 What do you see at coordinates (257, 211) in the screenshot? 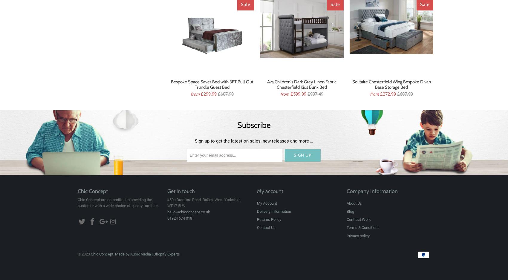
I see `'Delivery Information'` at bounding box center [257, 211].